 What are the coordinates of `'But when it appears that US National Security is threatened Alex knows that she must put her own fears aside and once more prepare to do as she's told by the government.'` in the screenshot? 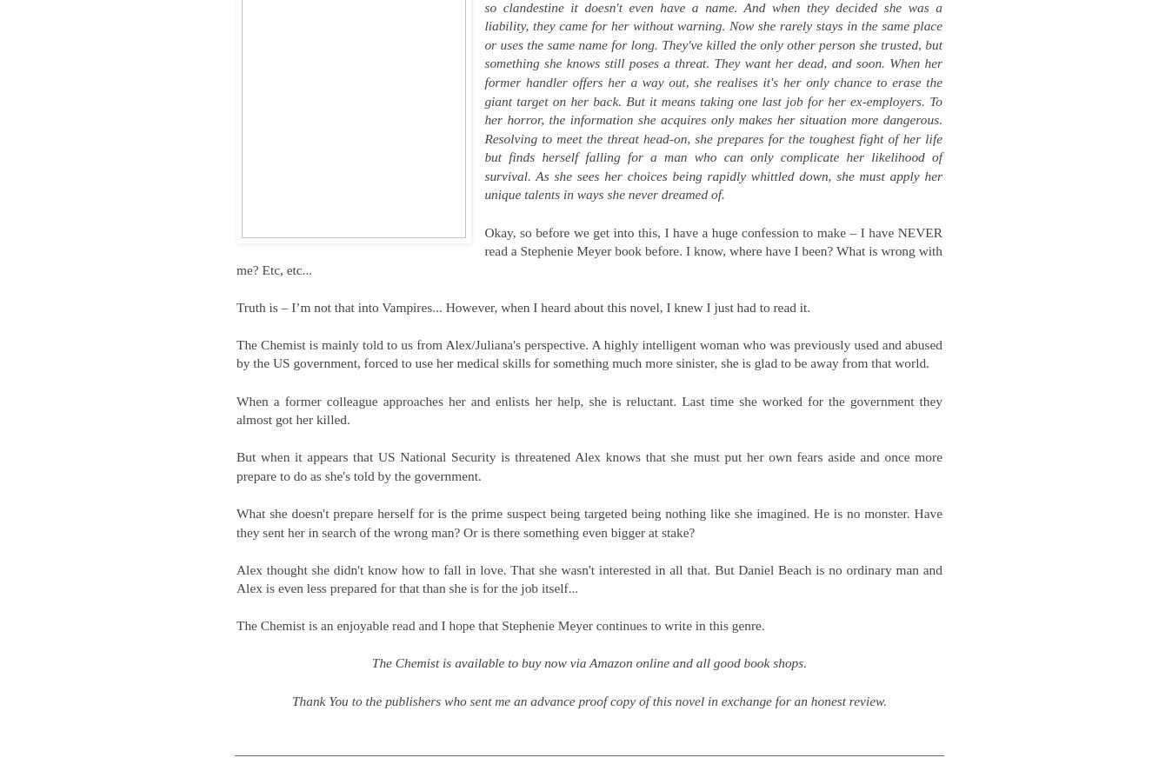 It's located at (589, 466).